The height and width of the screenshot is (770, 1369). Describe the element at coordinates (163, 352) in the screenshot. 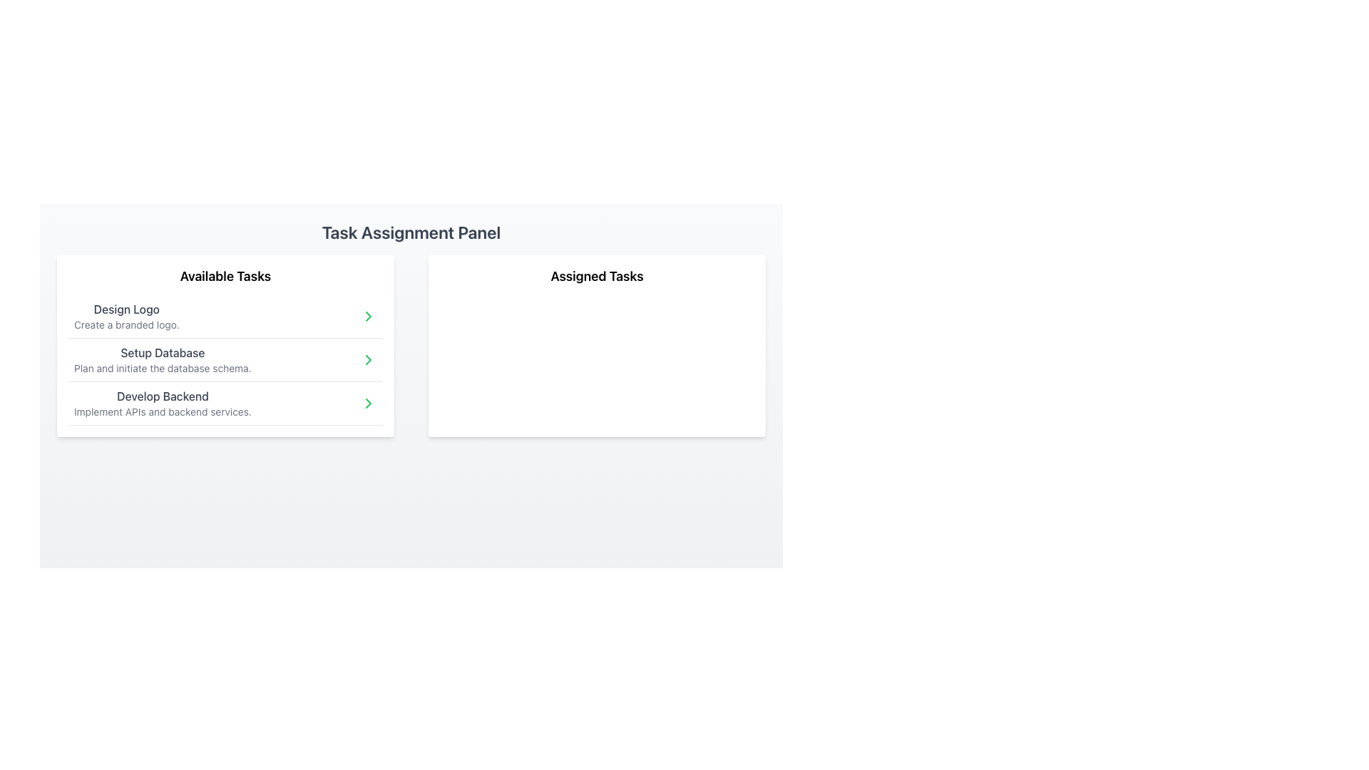

I see `the descriptive text label for the task in the 'Available Tasks' section` at that location.